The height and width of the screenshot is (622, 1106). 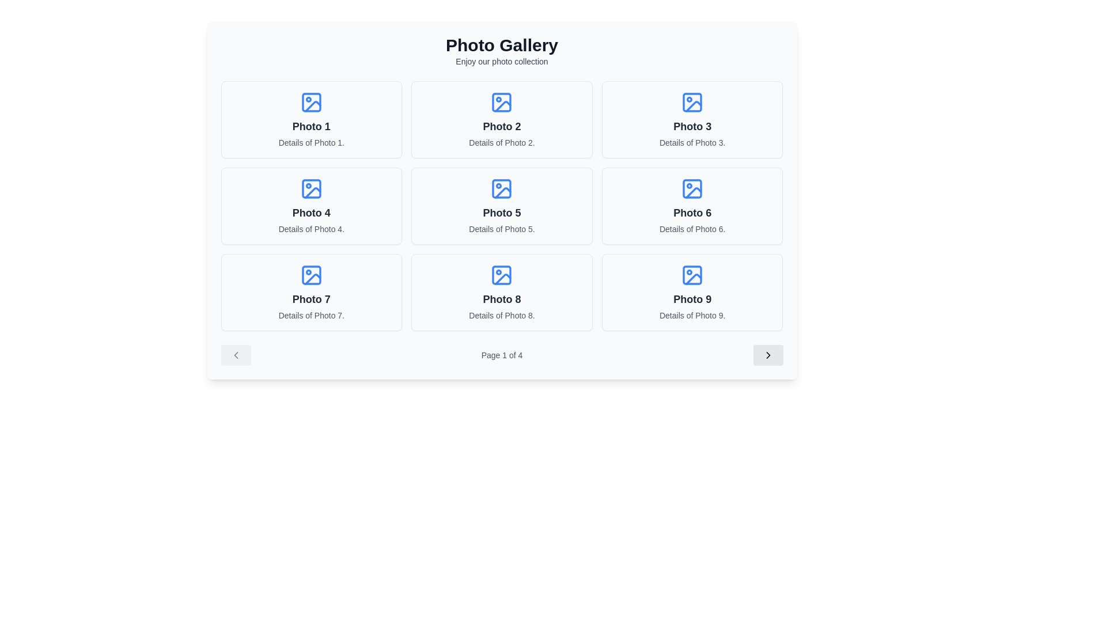 What do you see at coordinates (311, 188) in the screenshot?
I see `icon representing 'Photo 4' located at the top-center of its card by clicking on it` at bounding box center [311, 188].